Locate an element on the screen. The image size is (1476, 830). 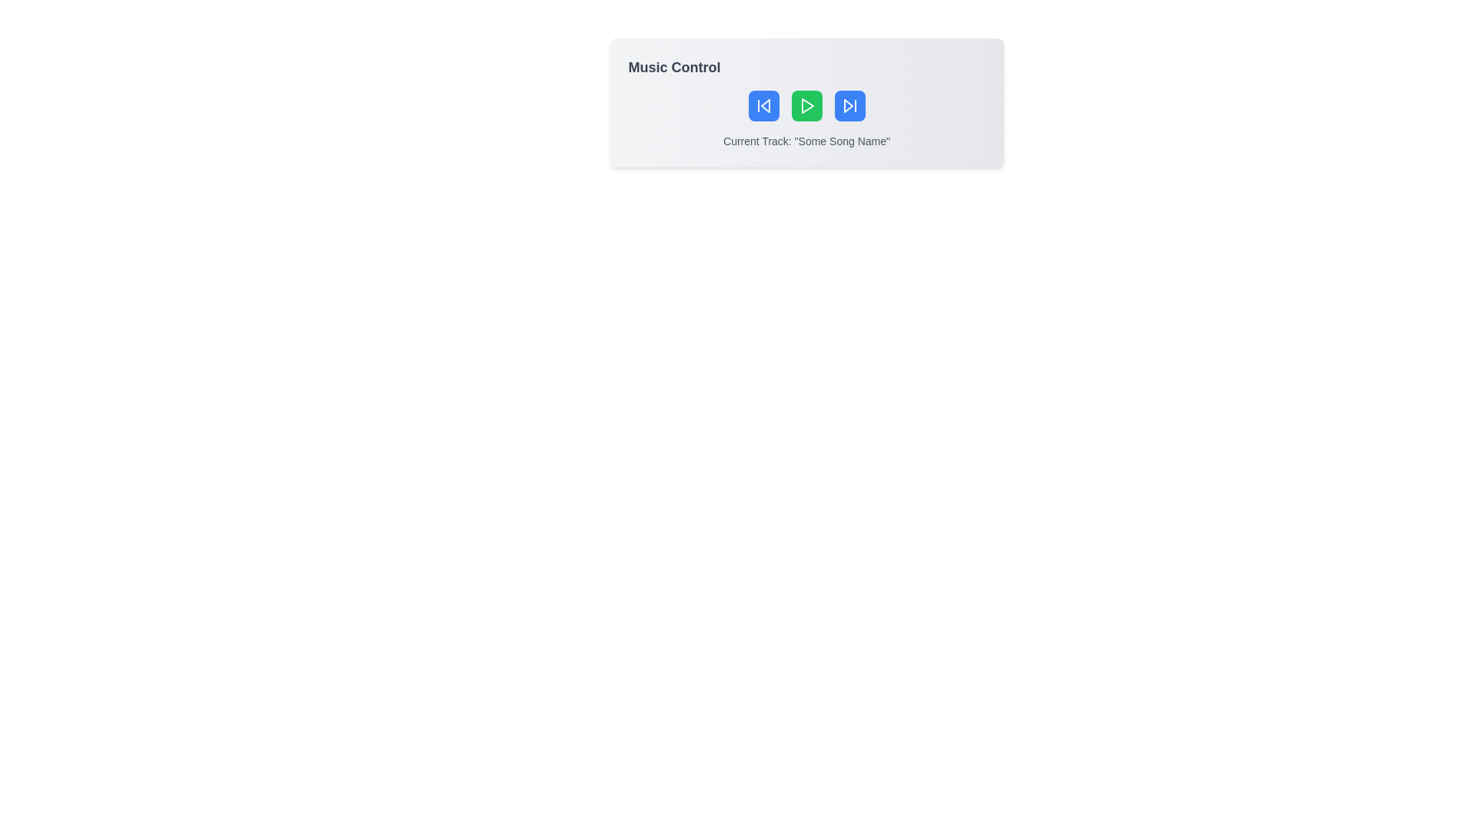
the play button in the Music Control panel to play or pause the track is located at coordinates (806, 105).